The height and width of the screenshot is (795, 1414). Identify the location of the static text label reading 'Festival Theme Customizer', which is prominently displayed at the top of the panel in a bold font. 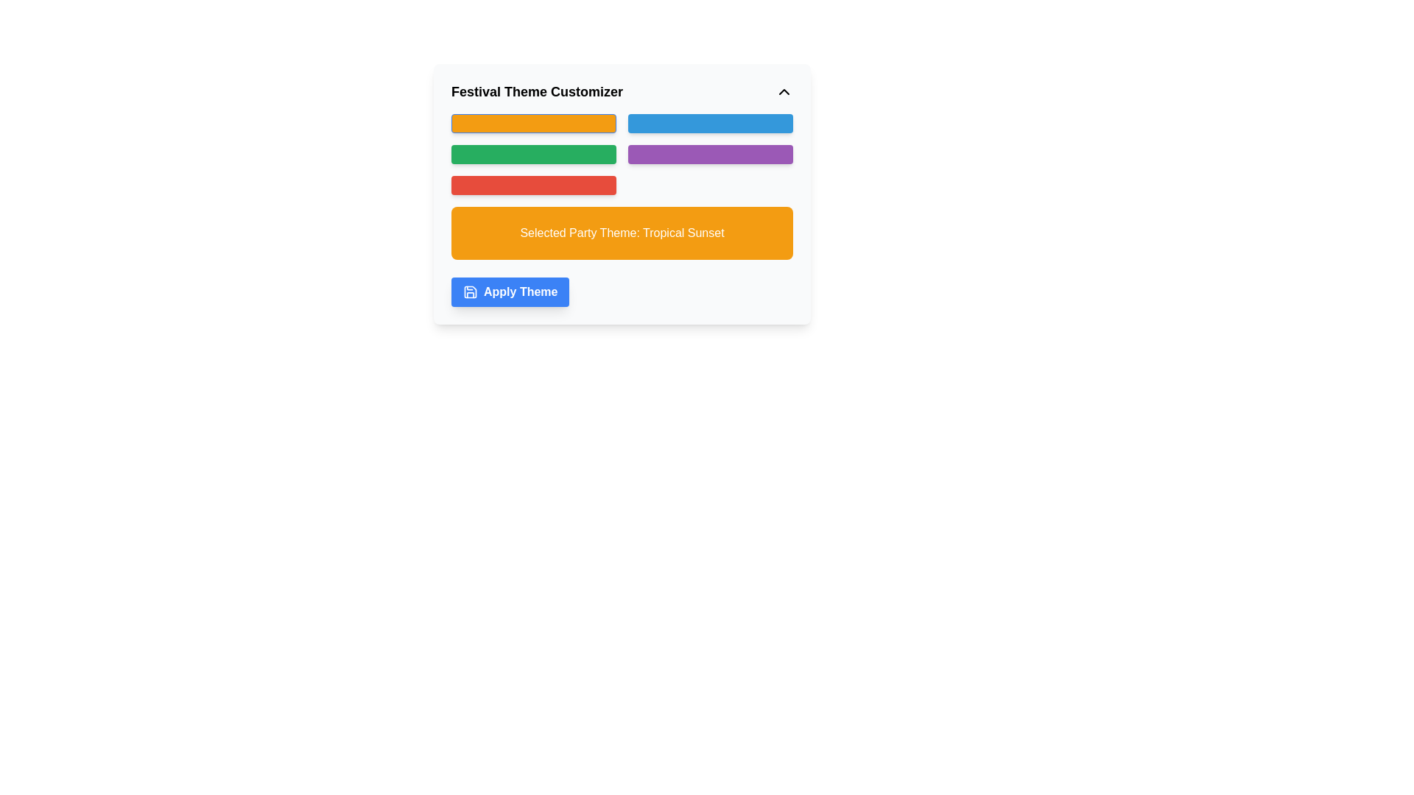
(536, 91).